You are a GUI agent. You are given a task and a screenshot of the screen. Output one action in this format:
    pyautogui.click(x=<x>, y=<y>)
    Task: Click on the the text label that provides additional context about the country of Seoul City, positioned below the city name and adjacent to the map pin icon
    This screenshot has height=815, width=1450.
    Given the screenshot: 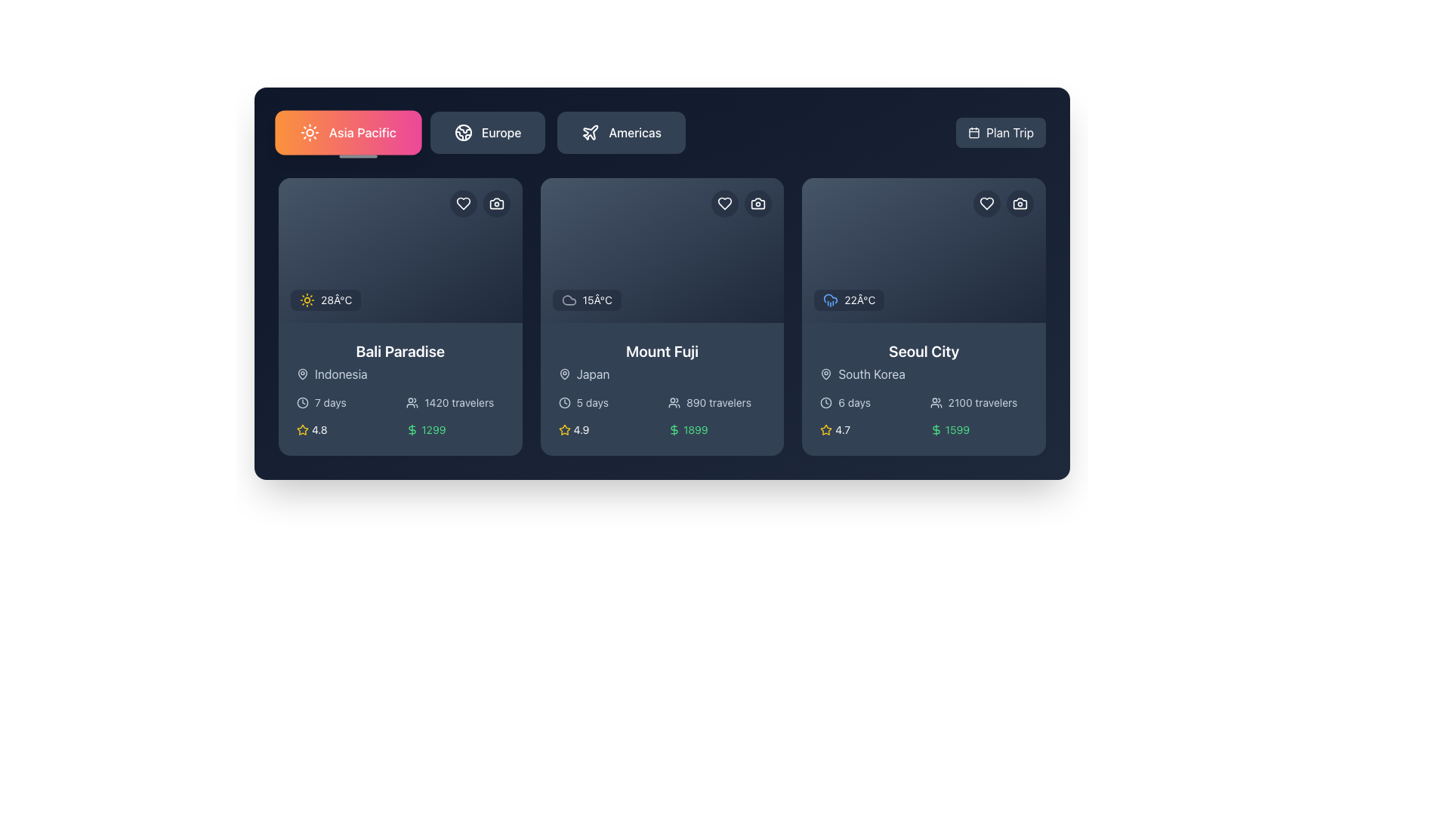 What is the action you would take?
    pyautogui.click(x=872, y=374)
    